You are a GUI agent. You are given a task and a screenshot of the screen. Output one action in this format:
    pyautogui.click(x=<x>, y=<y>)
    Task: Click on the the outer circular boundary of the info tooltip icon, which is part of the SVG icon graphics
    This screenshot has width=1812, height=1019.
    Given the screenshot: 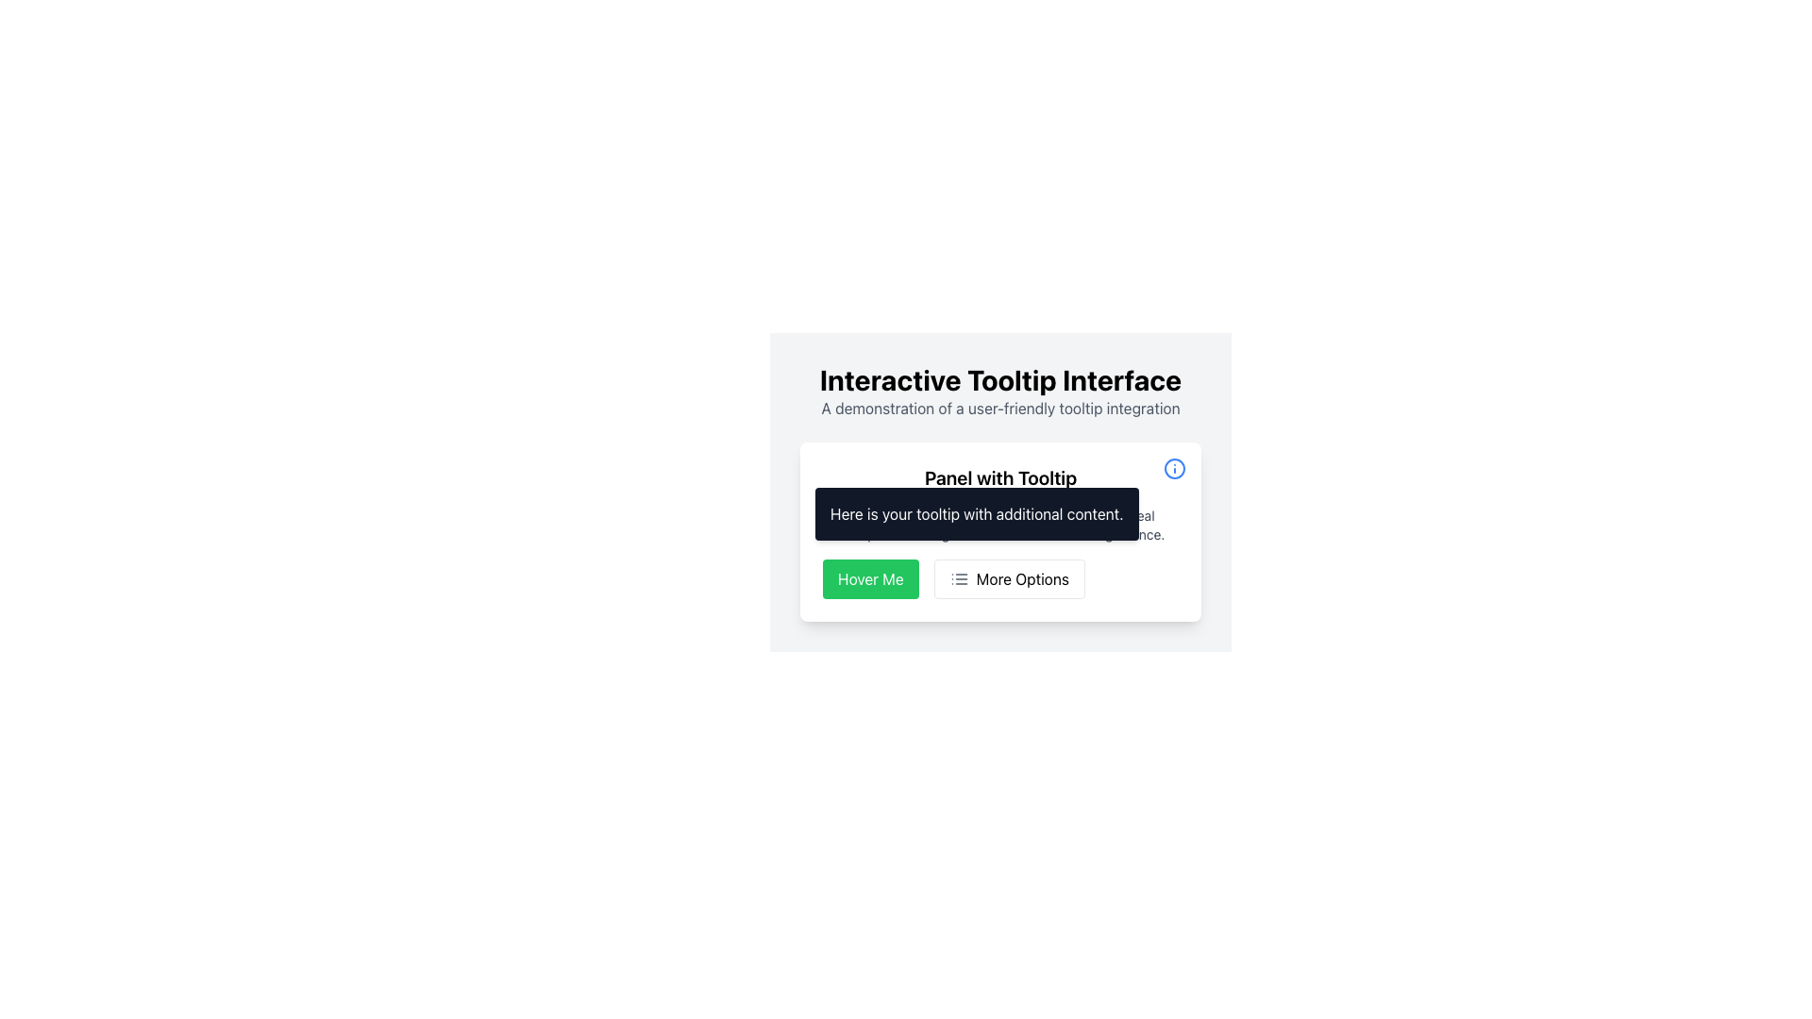 What is the action you would take?
    pyautogui.click(x=1173, y=468)
    